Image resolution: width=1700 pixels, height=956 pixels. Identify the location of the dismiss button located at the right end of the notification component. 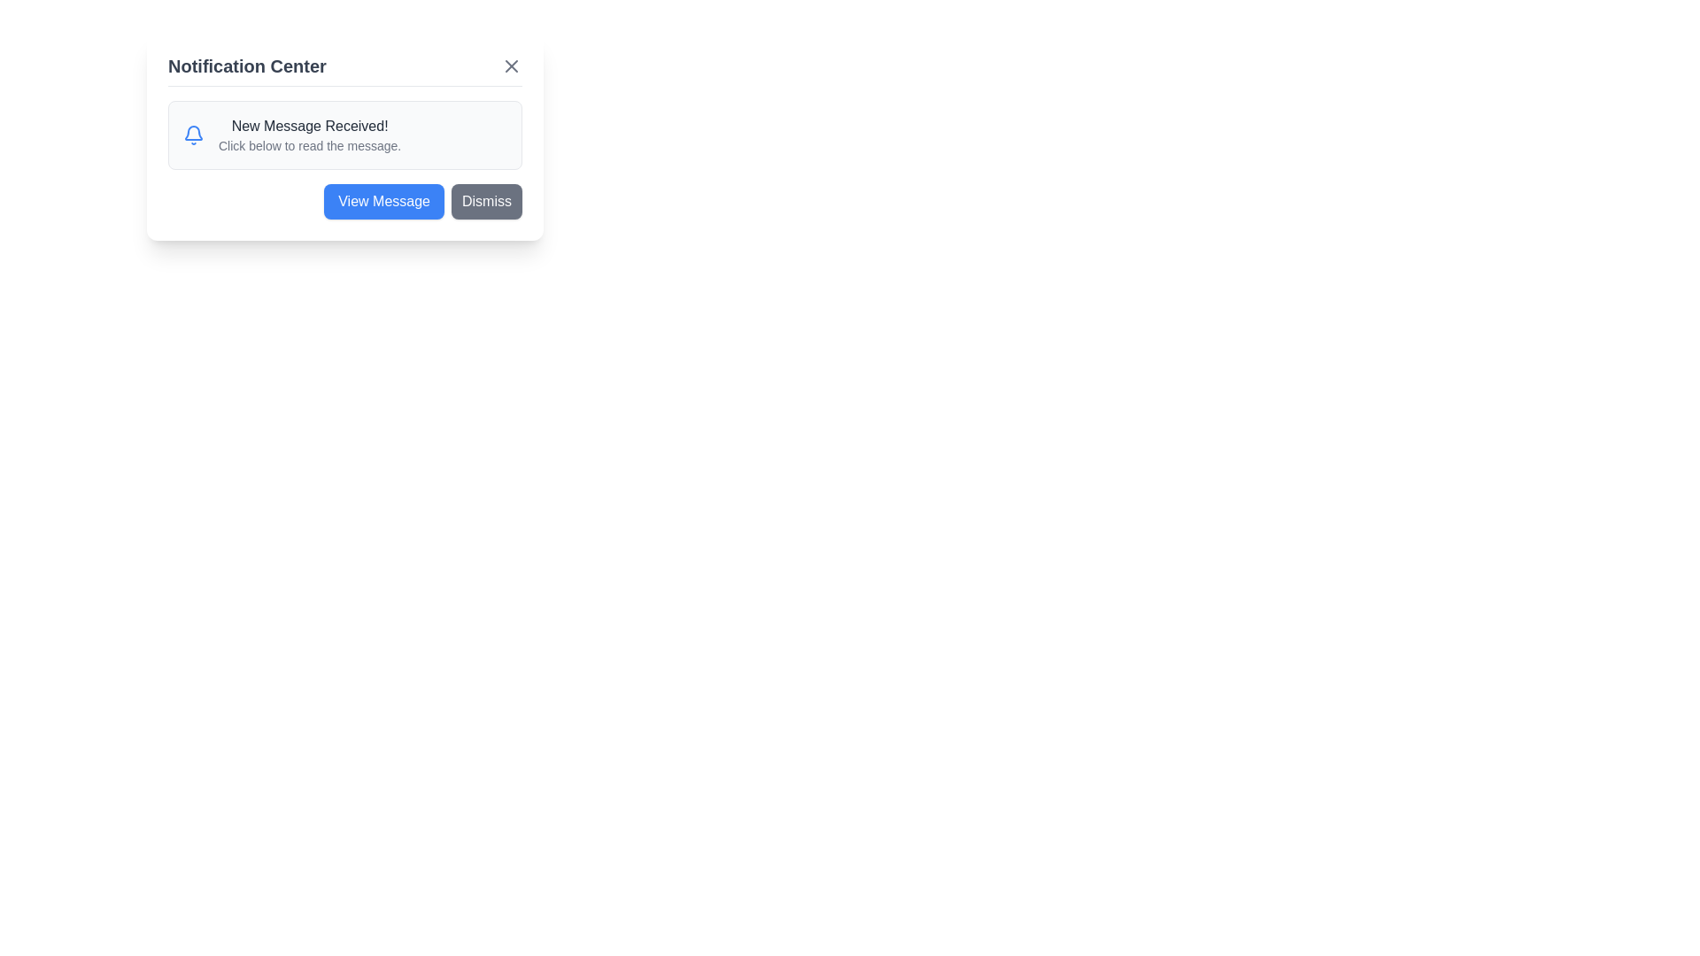
(487, 200).